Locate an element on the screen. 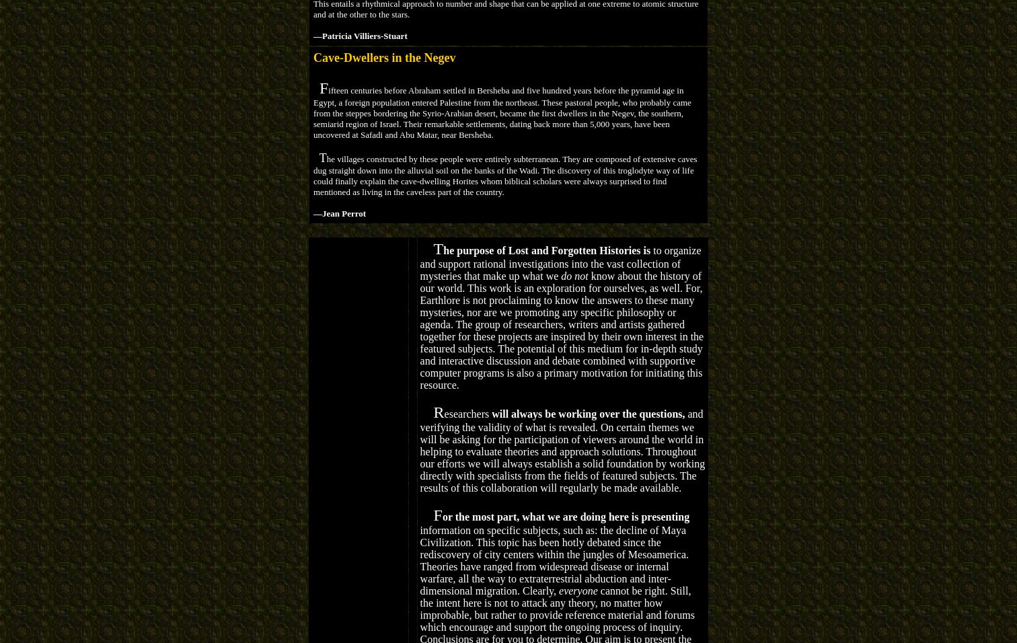 This screenshot has width=1017, height=643. 'know' is located at coordinates (601, 275).